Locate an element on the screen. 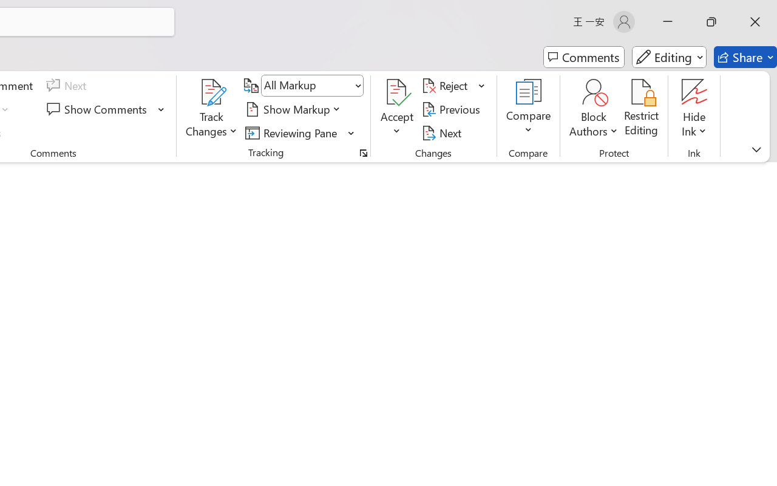  'Restrict Editing' is located at coordinates (641, 109).